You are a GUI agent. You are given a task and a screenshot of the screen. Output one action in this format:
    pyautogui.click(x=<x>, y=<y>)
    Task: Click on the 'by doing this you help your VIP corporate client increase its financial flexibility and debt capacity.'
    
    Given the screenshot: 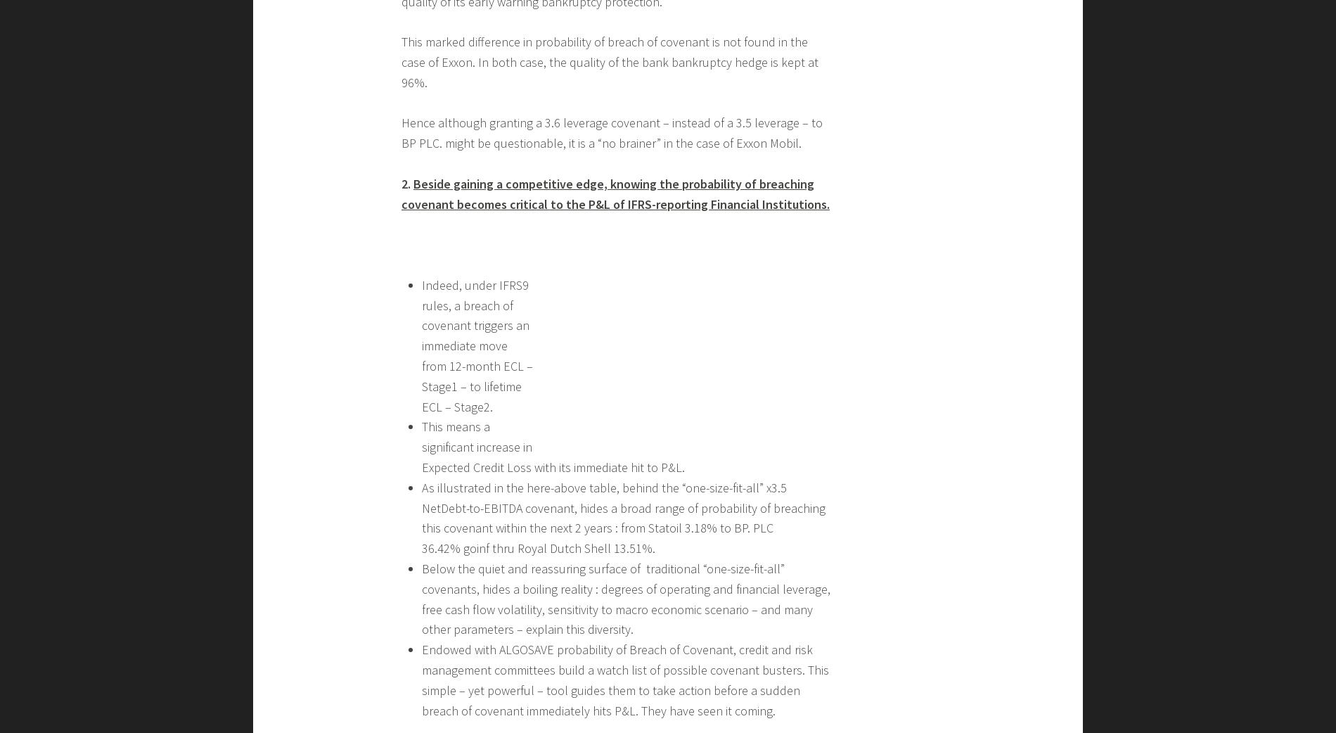 What is the action you would take?
    pyautogui.click(x=608, y=46)
    